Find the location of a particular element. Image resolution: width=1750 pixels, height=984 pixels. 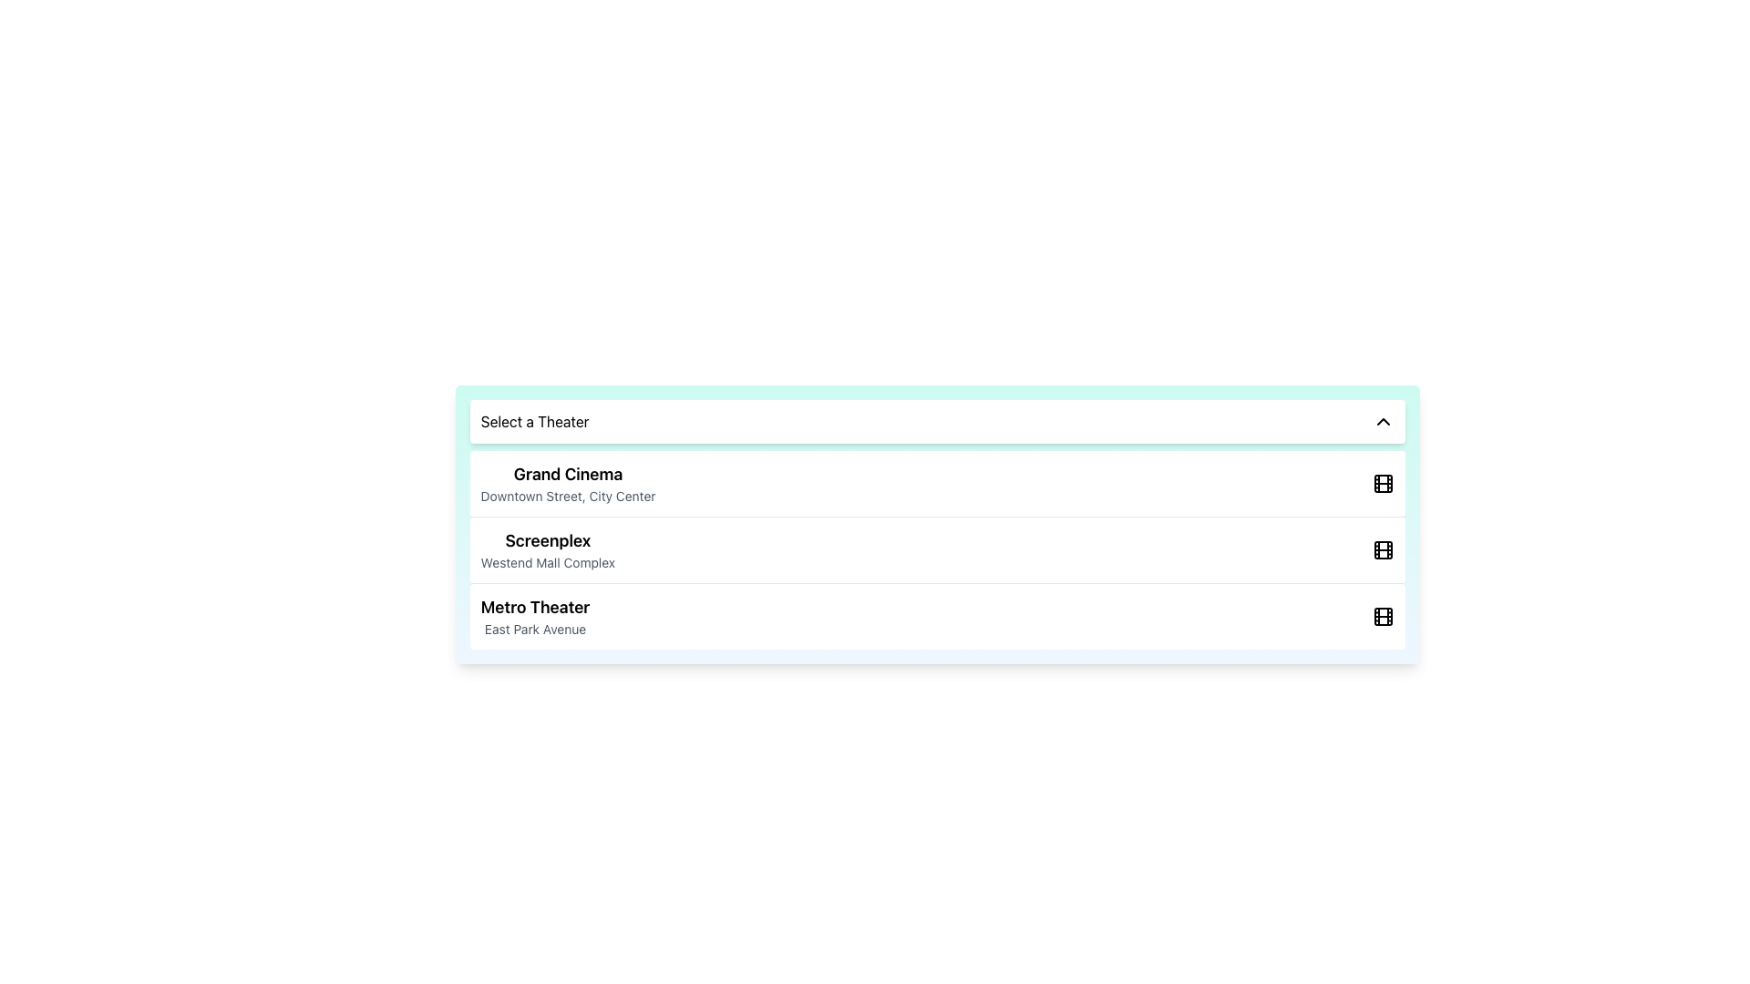

the film reel icon located in the top-right corner of the 'Grand Cinema' row is located at coordinates (1384, 483).